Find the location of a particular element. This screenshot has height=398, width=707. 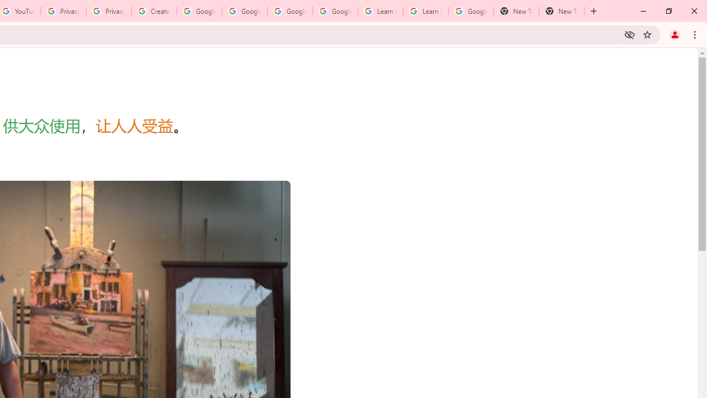

'Create your Google Account' is located at coordinates (154, 11).